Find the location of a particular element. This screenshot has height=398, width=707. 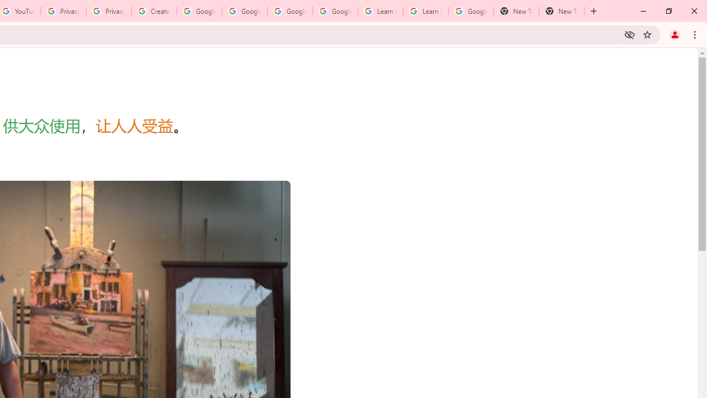

'Create your Google Account' is located at coordinates (154, 11).